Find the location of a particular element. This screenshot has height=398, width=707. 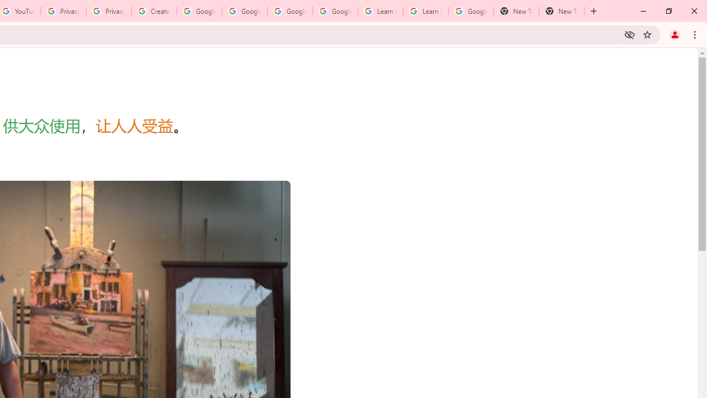

'Create your Google Account' is located at coordinates (154, 11).